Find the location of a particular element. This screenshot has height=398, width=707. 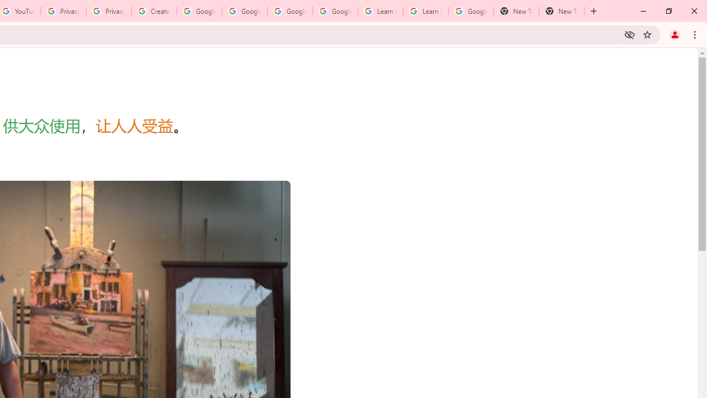

'Create your Google Account' is located at coordinates (154, 11).